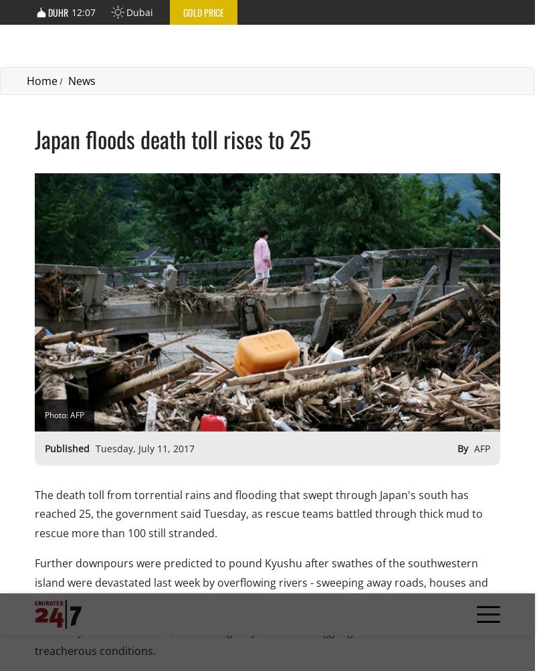 The image size is (543, 671). Describe the element at coordinates (261, 195) in the screenshot. I see `'Some 12,000 rescuers were making "utmost" efforts to find survivors and clear washed up driftwood hampering the search, Suga said.'` at that location.